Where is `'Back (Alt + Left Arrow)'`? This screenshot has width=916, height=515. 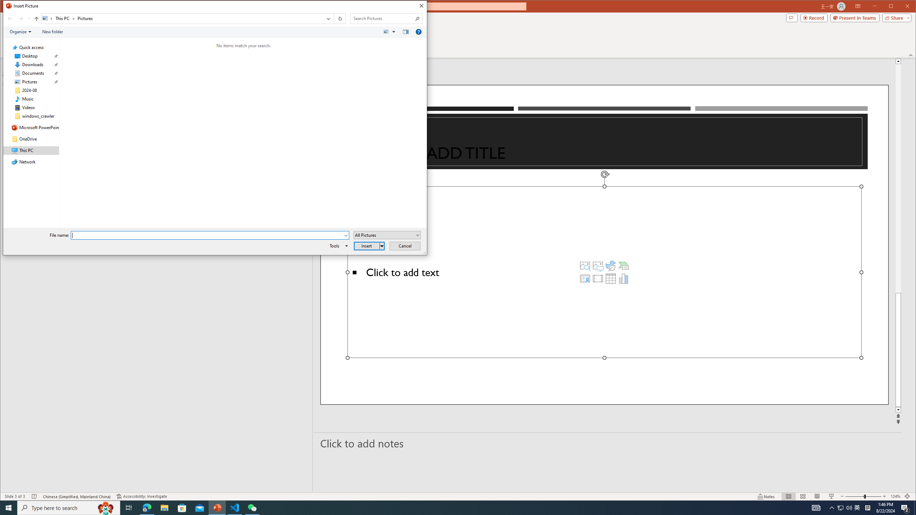 'Back (Alt + Left Arrow)' is located at coordinates (10, 18).